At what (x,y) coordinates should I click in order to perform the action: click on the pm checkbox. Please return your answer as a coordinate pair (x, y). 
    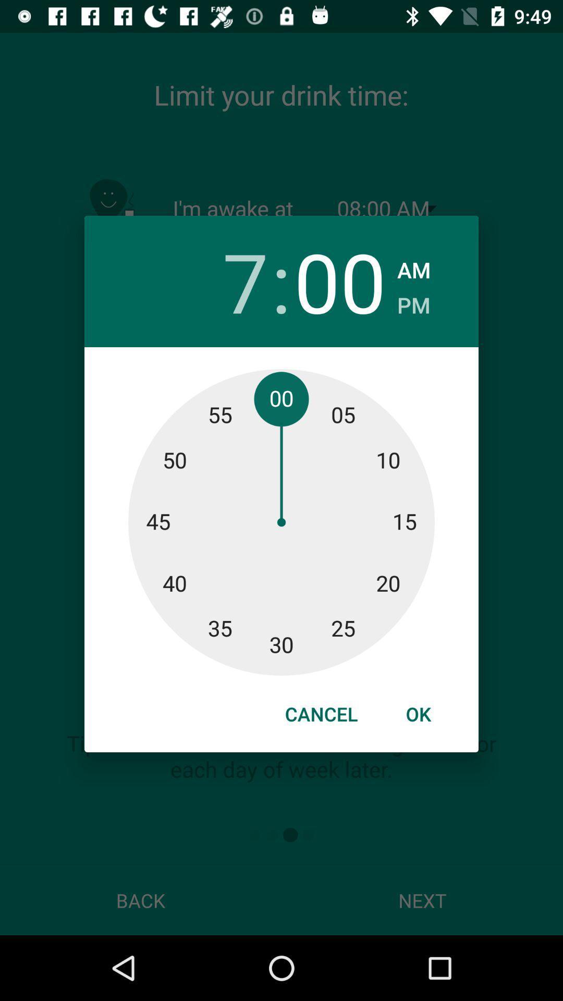
    Looking at the image, I should click on (413, 301).